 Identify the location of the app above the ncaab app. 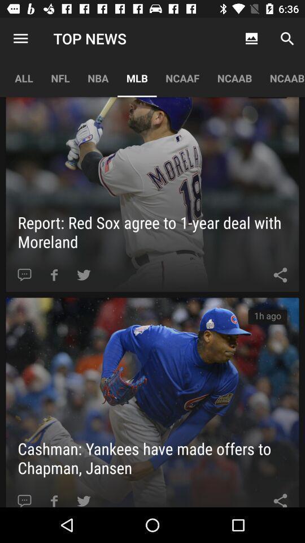
(251, 38).